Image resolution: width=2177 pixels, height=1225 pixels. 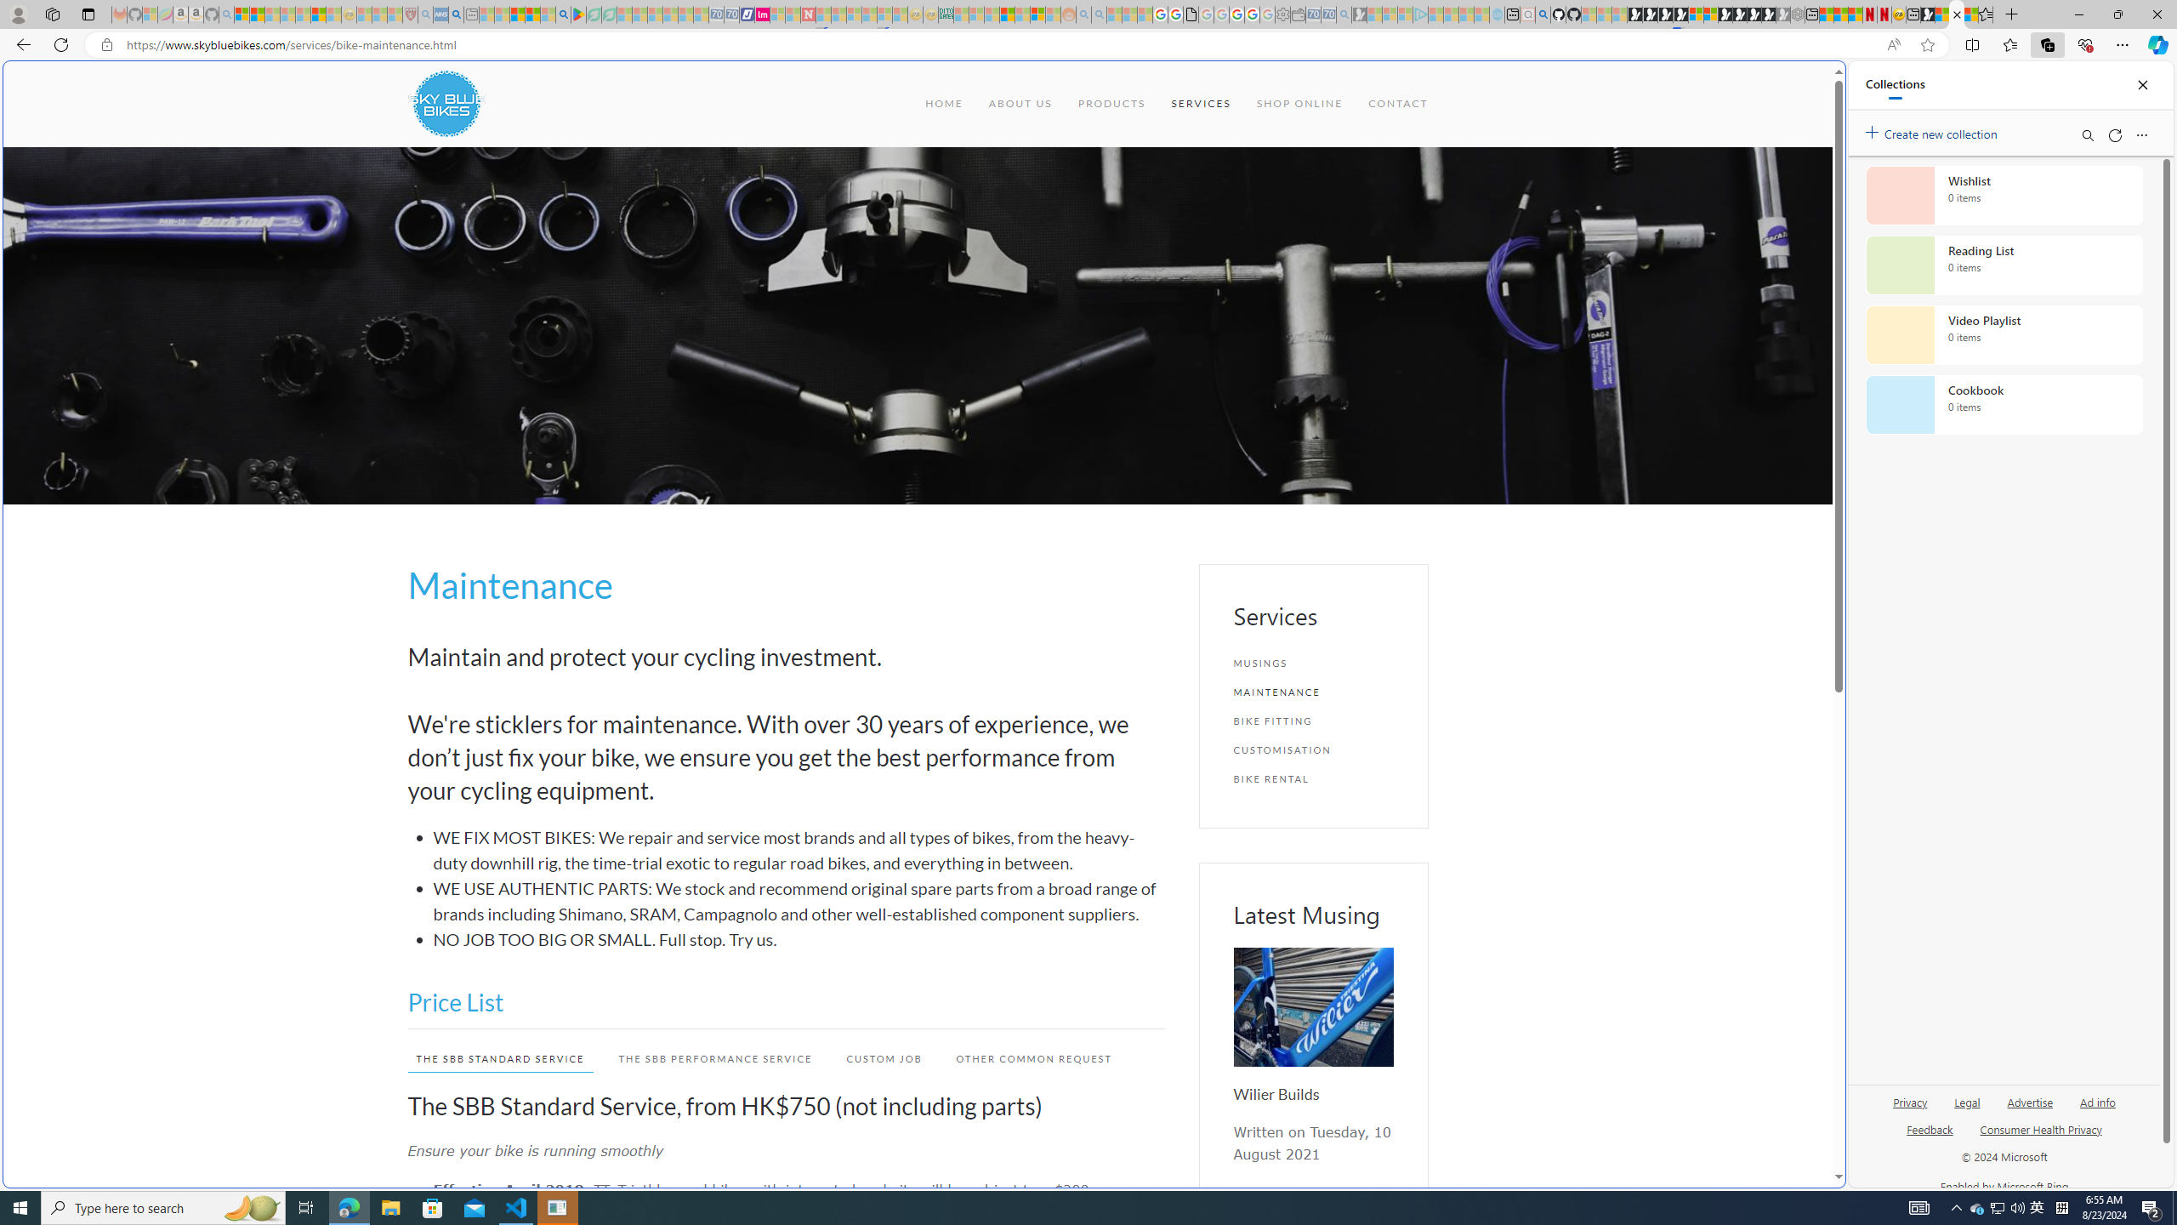 What do you see at coordinates (1358, 14) in the screenshot?
I see `'Microsoft Start Gaming - Sleeping'` at bounding box center [1358, 14].